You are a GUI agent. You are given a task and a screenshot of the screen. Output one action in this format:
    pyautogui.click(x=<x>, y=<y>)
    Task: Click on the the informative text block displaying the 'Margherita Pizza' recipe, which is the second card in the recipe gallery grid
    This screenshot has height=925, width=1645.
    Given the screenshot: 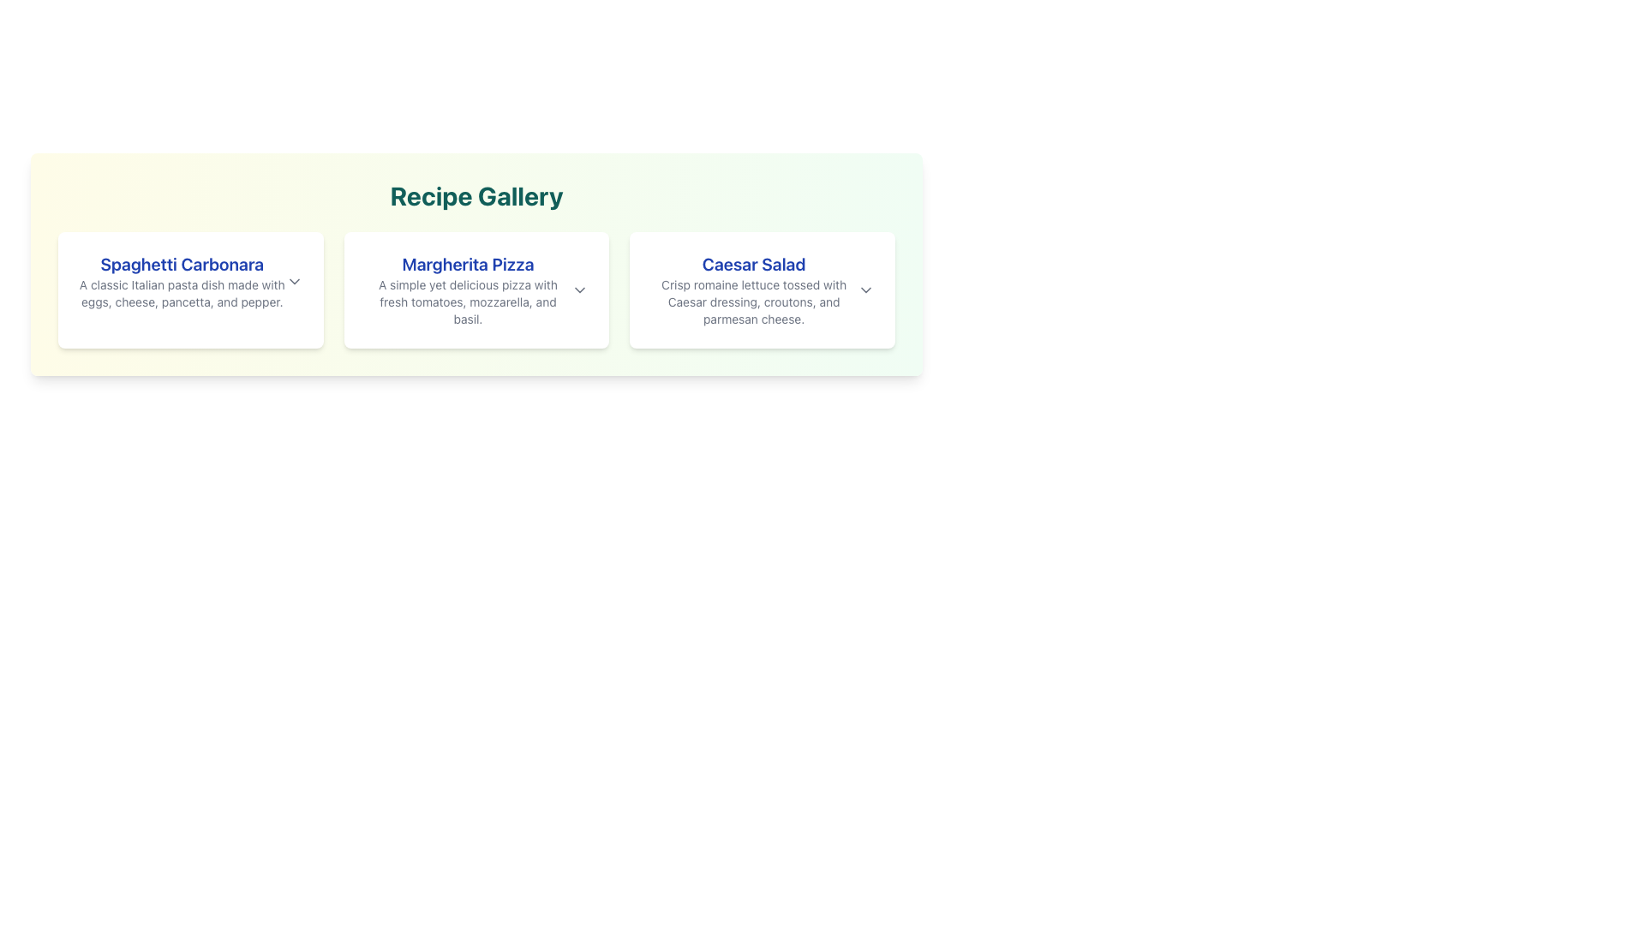 What is the action you would take?
    pyautogui.click(x=468, y=289)
    